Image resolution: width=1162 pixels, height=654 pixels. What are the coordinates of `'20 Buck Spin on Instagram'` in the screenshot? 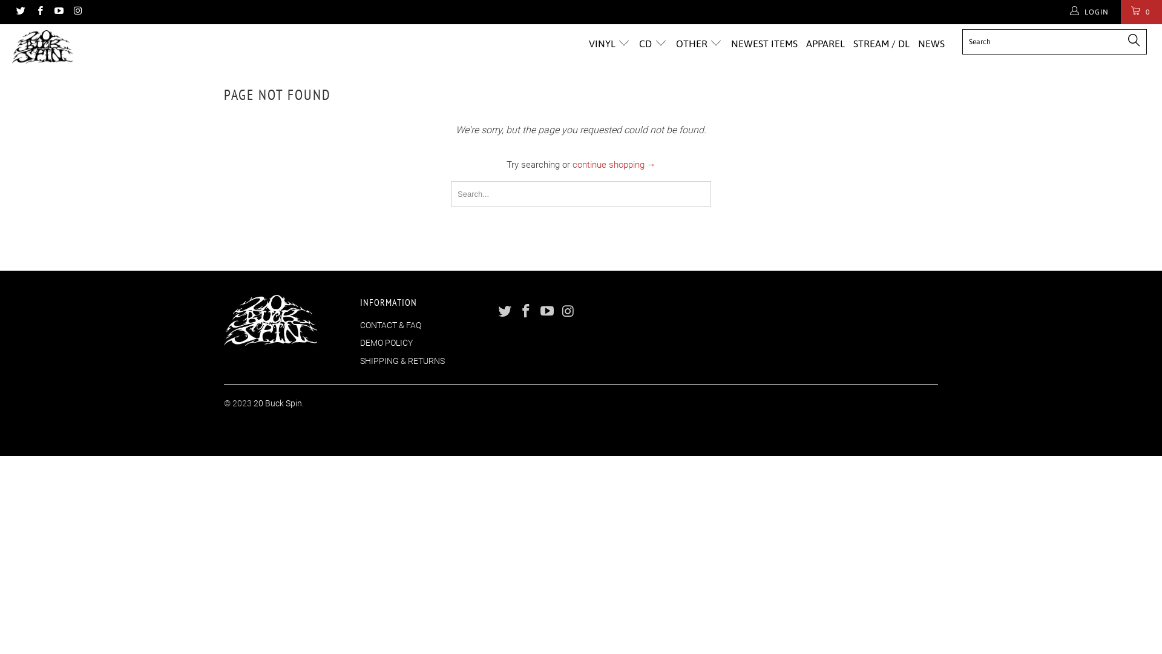 It's located at (568, 311).